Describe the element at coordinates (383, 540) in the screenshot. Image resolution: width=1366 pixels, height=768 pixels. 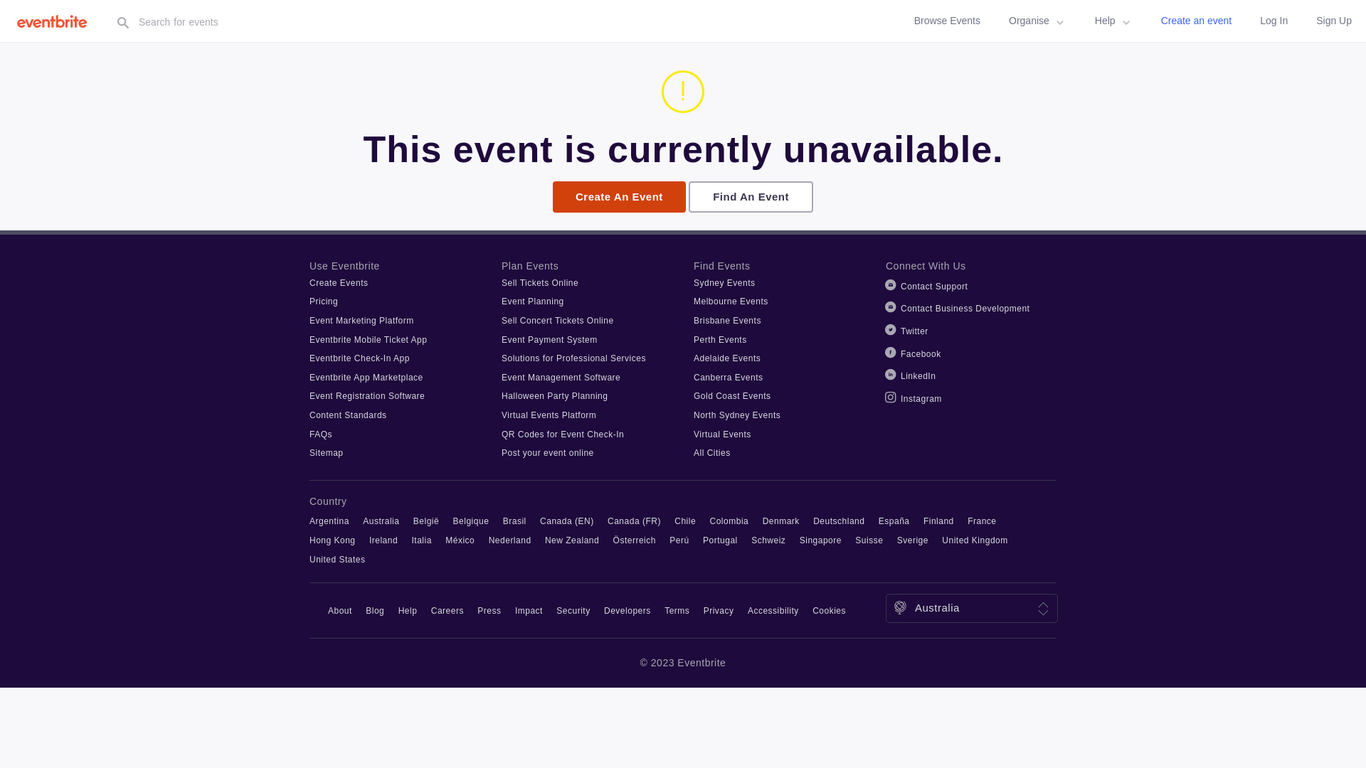
I see `'Ireland'` at that location.